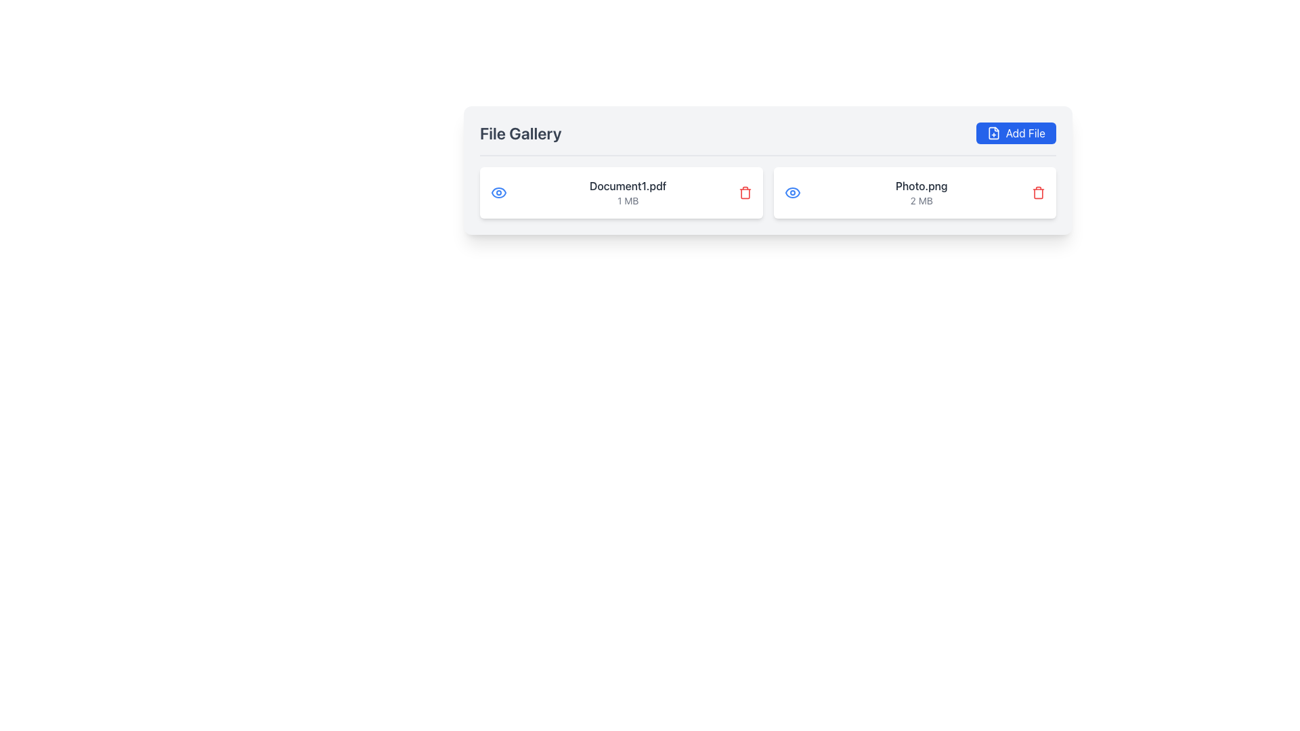 Image resolution: width=1300 pixels, height=731 pixels. Describe the element at coordinates (792, 193) in the screenshot. I see `the eye-shaped icon within the SVG element located in the first row of the file list` at that location.